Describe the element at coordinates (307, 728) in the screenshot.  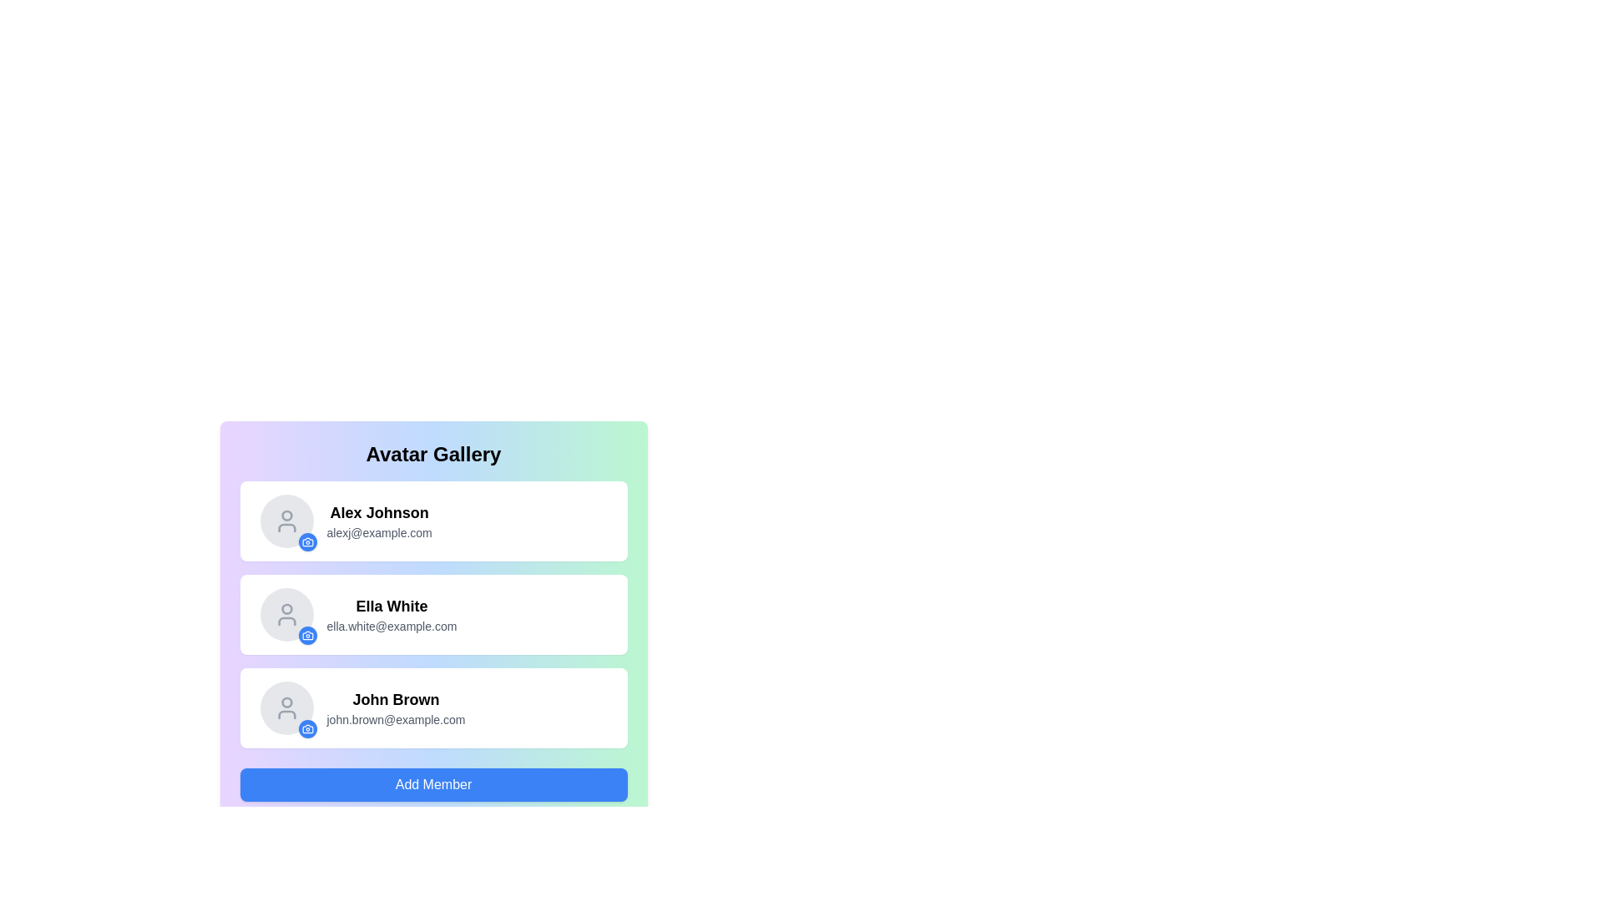
I see `the small circular button with a blue background and camera icon located in the bottom-right corner of John Brown's avatar` at that location.